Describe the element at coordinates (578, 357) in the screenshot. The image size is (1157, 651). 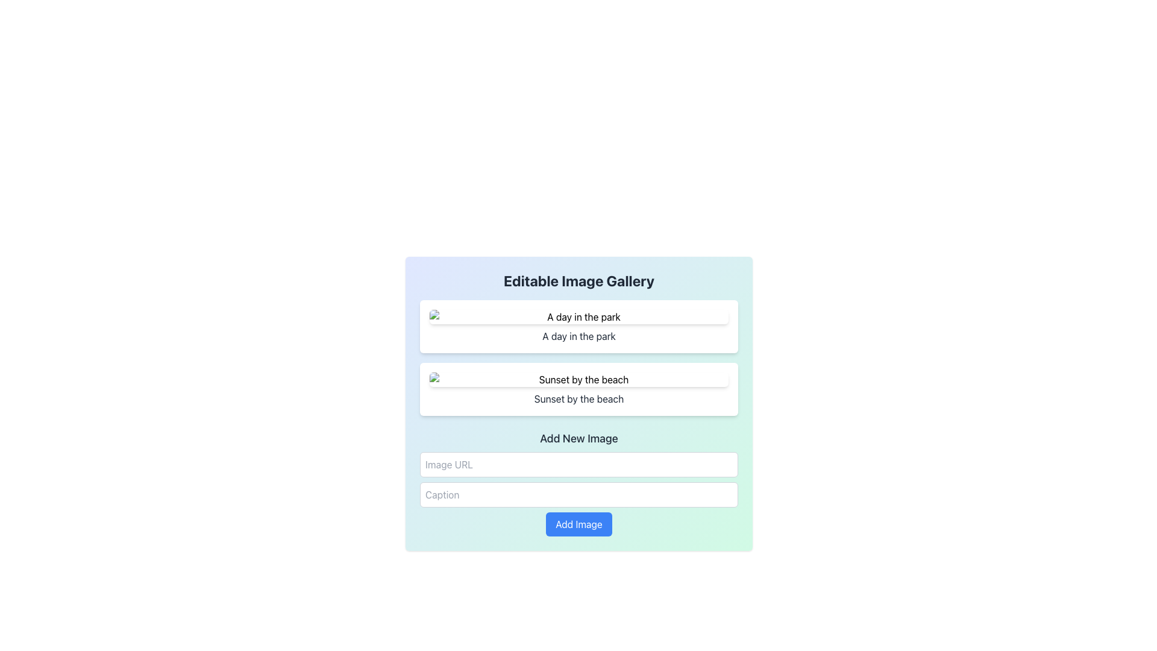
I see `the vertical section containing two blocks in the 'Editable Image Gallery' section, which includes 'A day in the park' and 'Sunset by the beach'` at that location.